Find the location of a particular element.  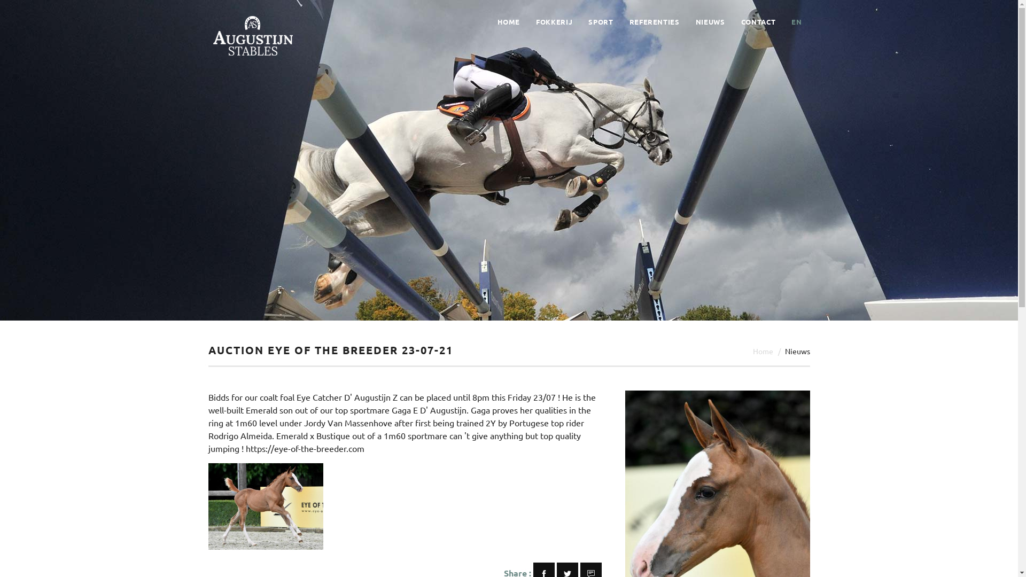

'EN' is located at coordinates (796, 22).